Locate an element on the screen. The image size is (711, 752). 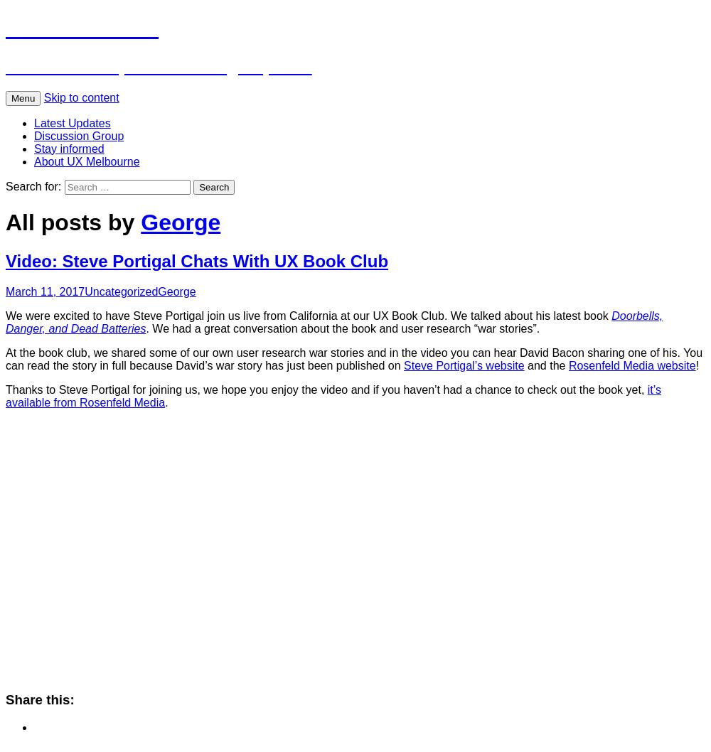
'Stay informed' is located at coordinates (34, 148).